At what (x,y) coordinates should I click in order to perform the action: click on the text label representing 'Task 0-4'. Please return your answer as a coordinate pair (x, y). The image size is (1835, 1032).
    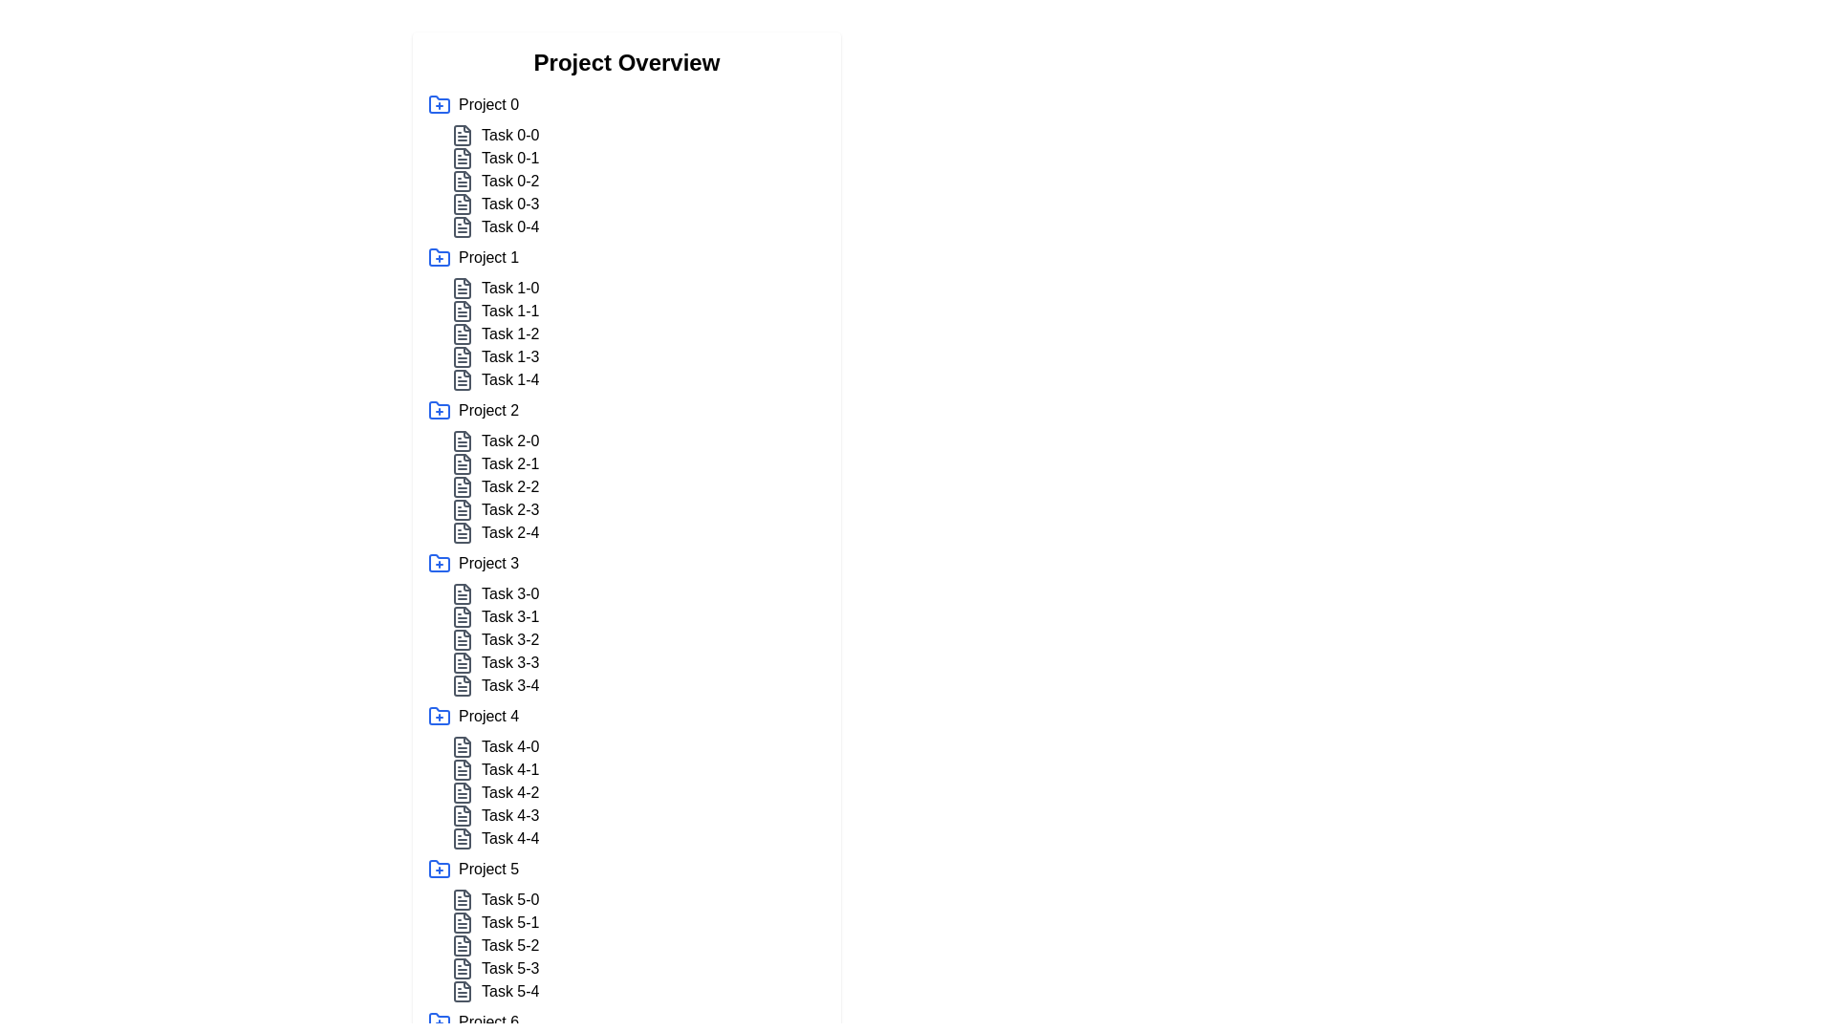
    Looking at the image, I should click on (510, 226).